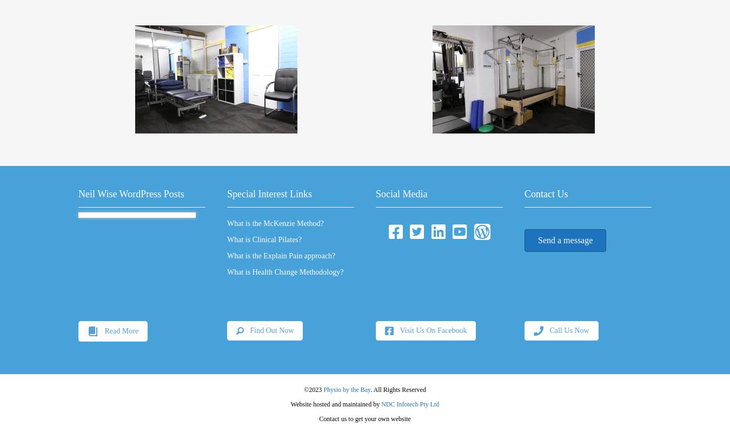 The height and width of the screenshot is (440, 730). Describe the element at coordinates (545, 194) in the screenshot. I see `'Contact Us'` at that location.